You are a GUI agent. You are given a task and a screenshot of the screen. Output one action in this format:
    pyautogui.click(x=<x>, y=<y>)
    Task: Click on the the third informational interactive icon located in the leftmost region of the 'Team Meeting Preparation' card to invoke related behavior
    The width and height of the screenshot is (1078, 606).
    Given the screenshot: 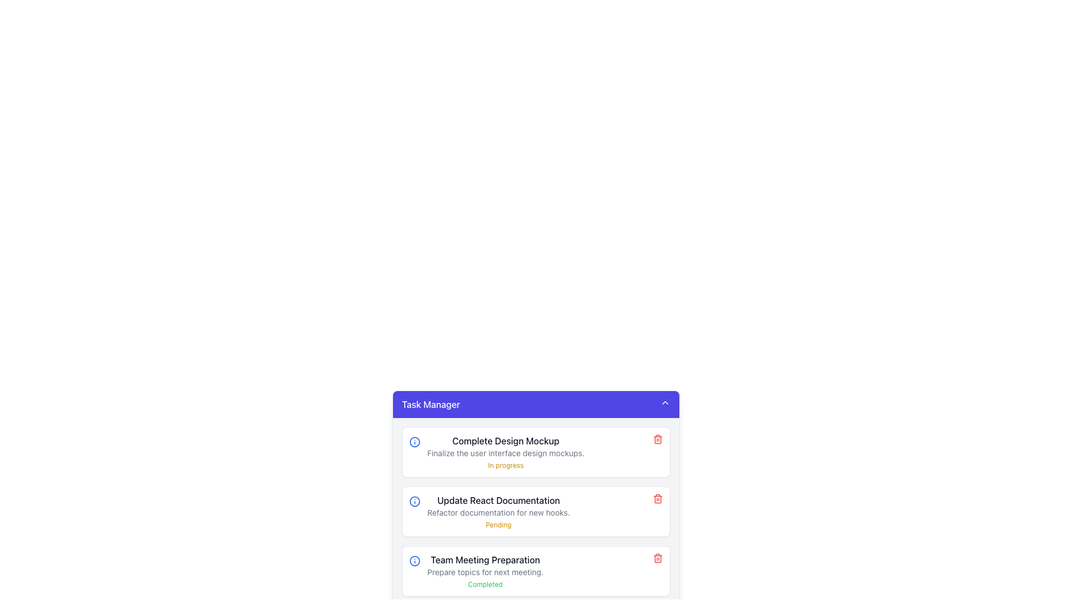 What is the action you would take?
    pyautogui.click(x=414, y=561)
    